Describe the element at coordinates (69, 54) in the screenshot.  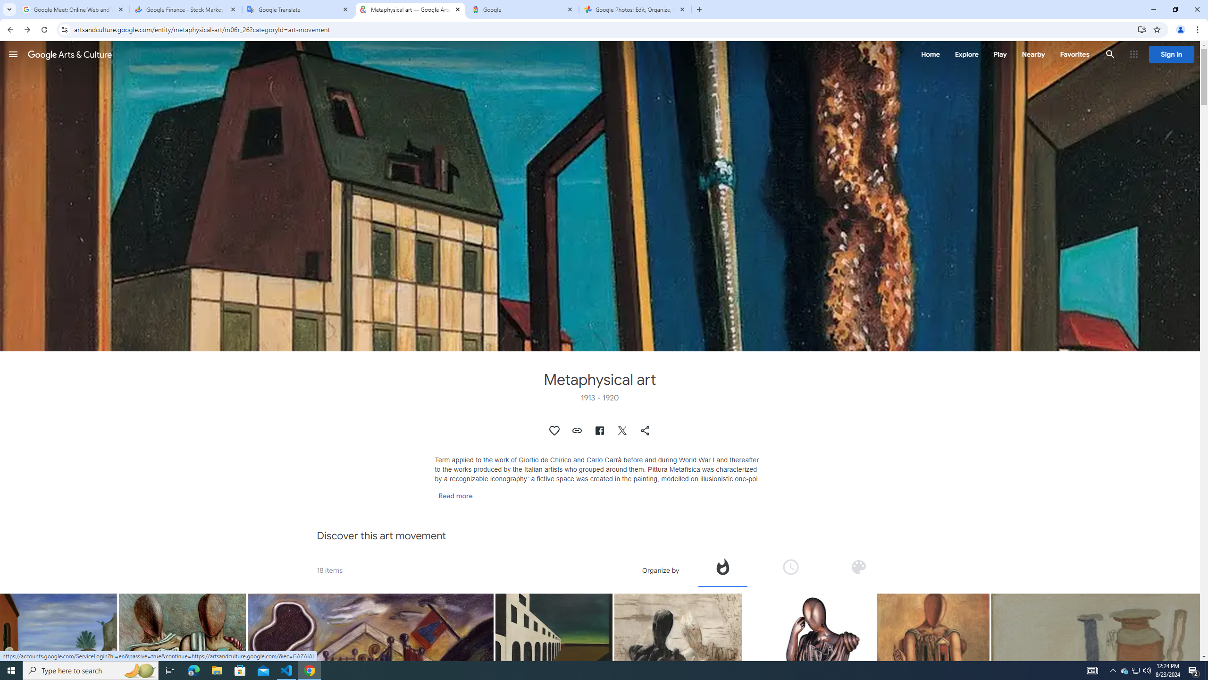
I see `'Google Arts & Culture'` at that location.